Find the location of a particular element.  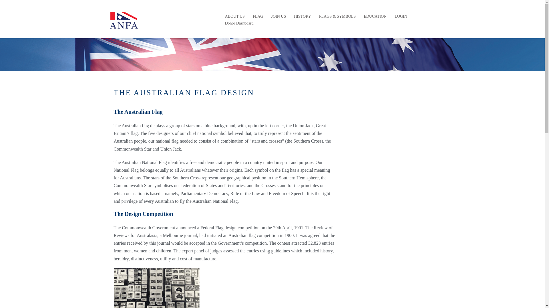

'Australian National Flag Association (ANFA)' is located at coordinates (123, 19).